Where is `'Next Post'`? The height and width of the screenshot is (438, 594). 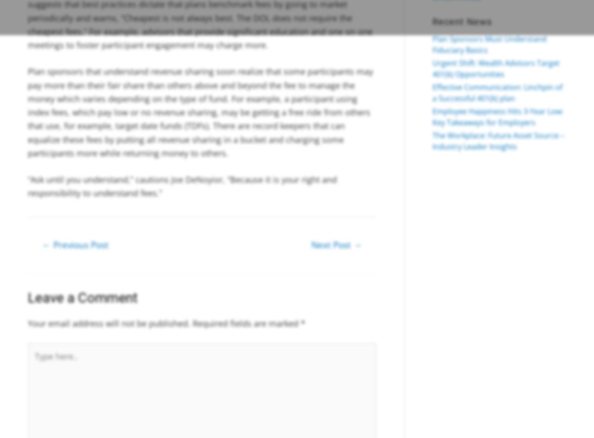 'Next Post' is located at coordinates (332, 244).